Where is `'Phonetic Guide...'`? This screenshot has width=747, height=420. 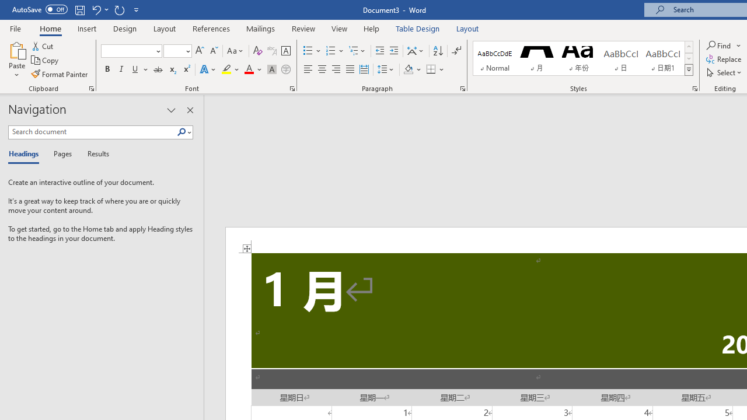
'Phonetic Guide...' is located at coordinates (271, 50).